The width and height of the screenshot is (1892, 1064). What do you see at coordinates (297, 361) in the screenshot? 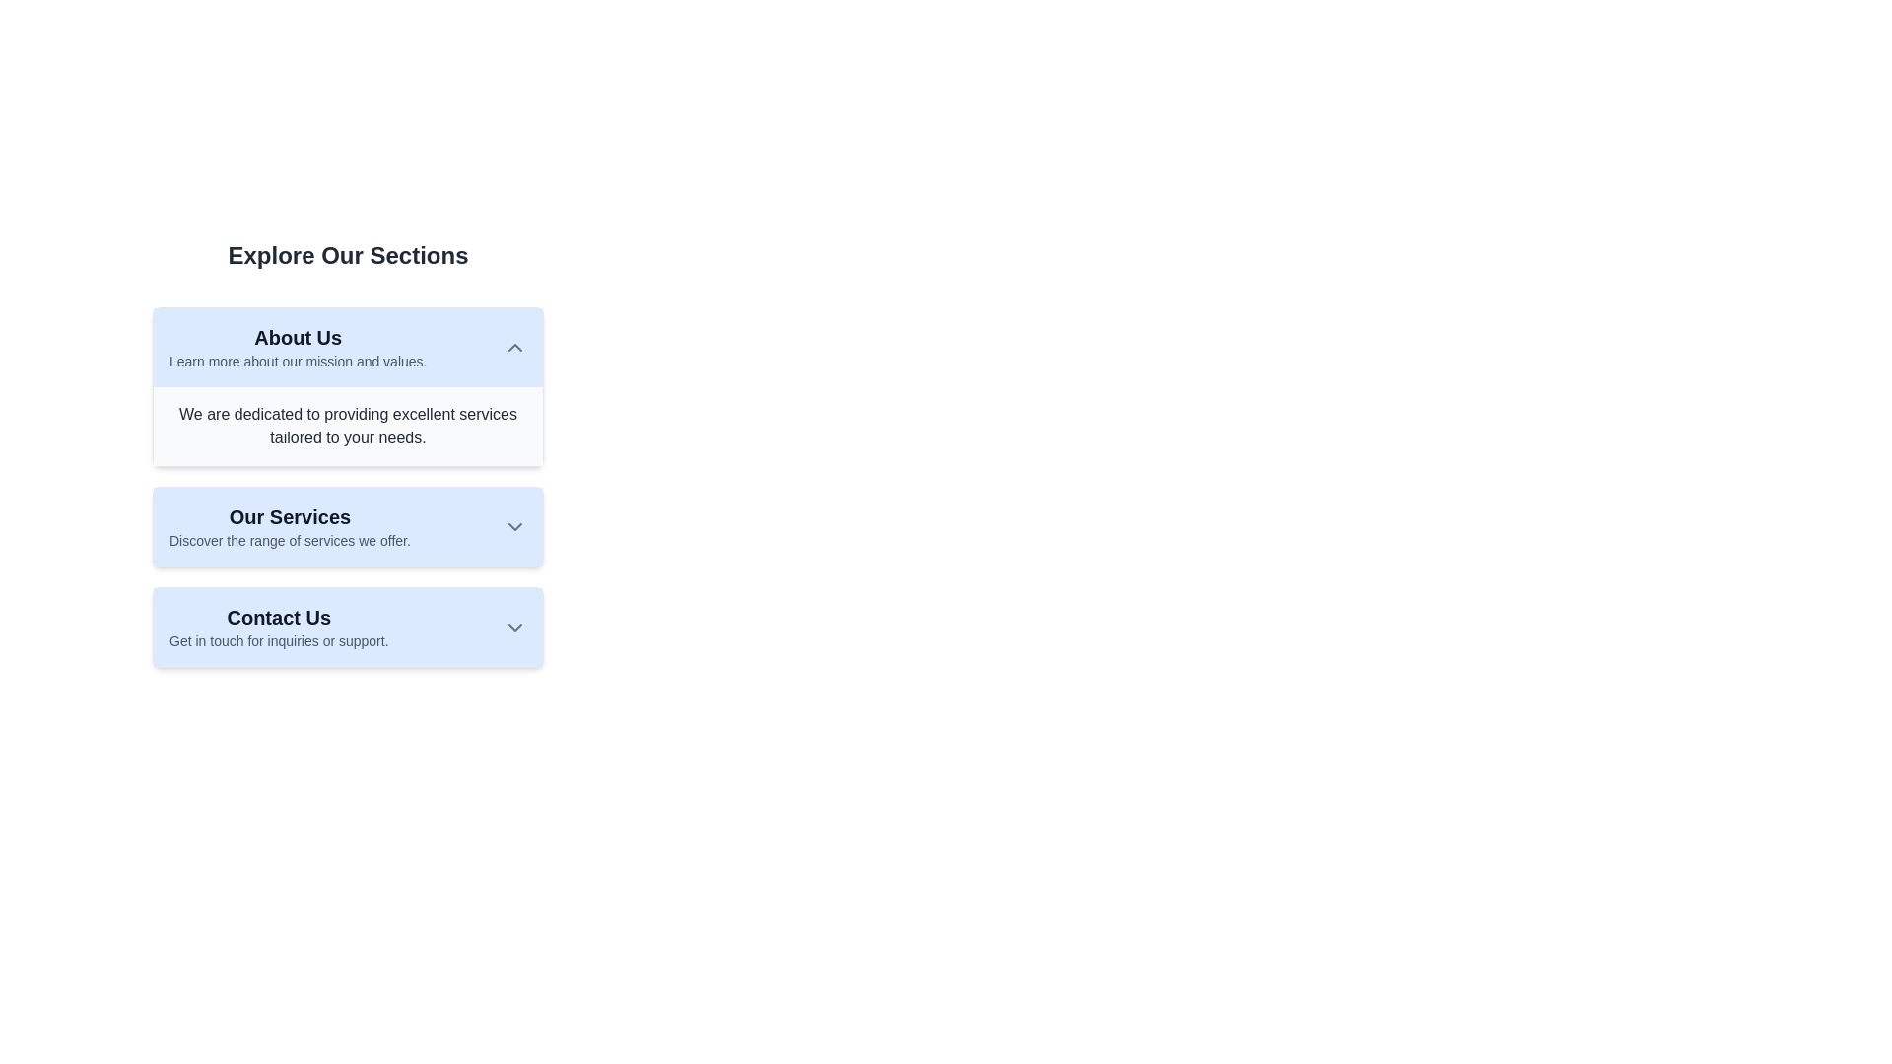
I see `the descriptive text block located directly underneath the 'About Us' heading in the first collapsible section` at bounding box center [297, 361].